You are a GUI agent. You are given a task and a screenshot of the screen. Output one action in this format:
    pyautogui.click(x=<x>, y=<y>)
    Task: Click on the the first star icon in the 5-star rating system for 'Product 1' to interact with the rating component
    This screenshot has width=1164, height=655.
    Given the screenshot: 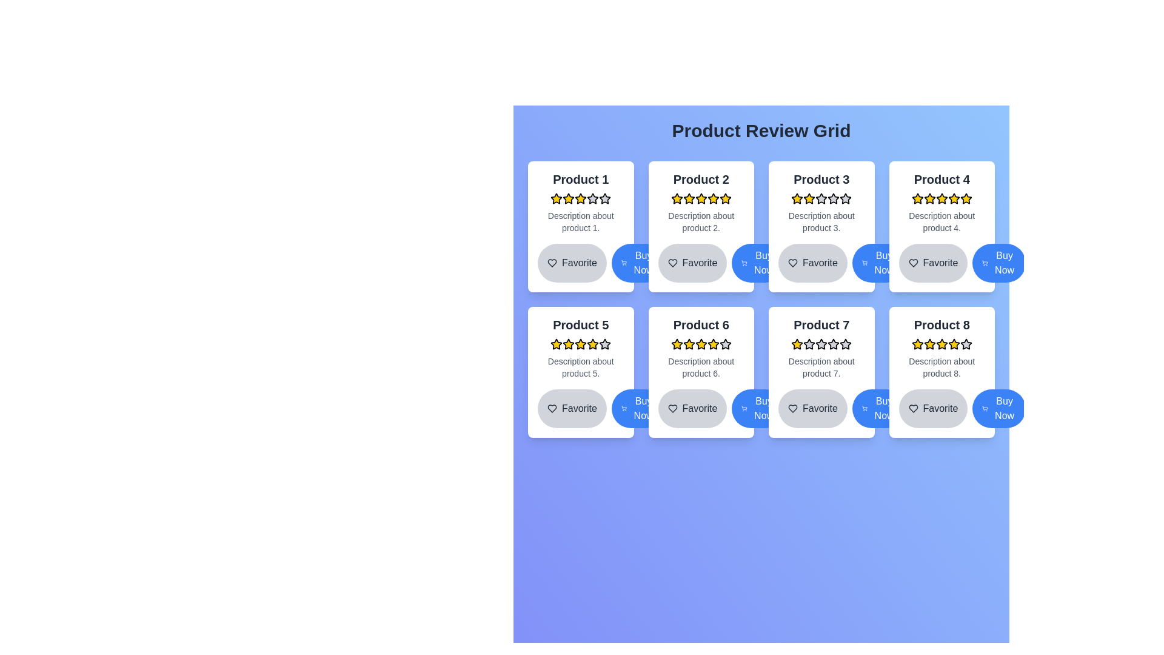 What is the action you would take?
    pyautogui.click(x=555, y=198)
    